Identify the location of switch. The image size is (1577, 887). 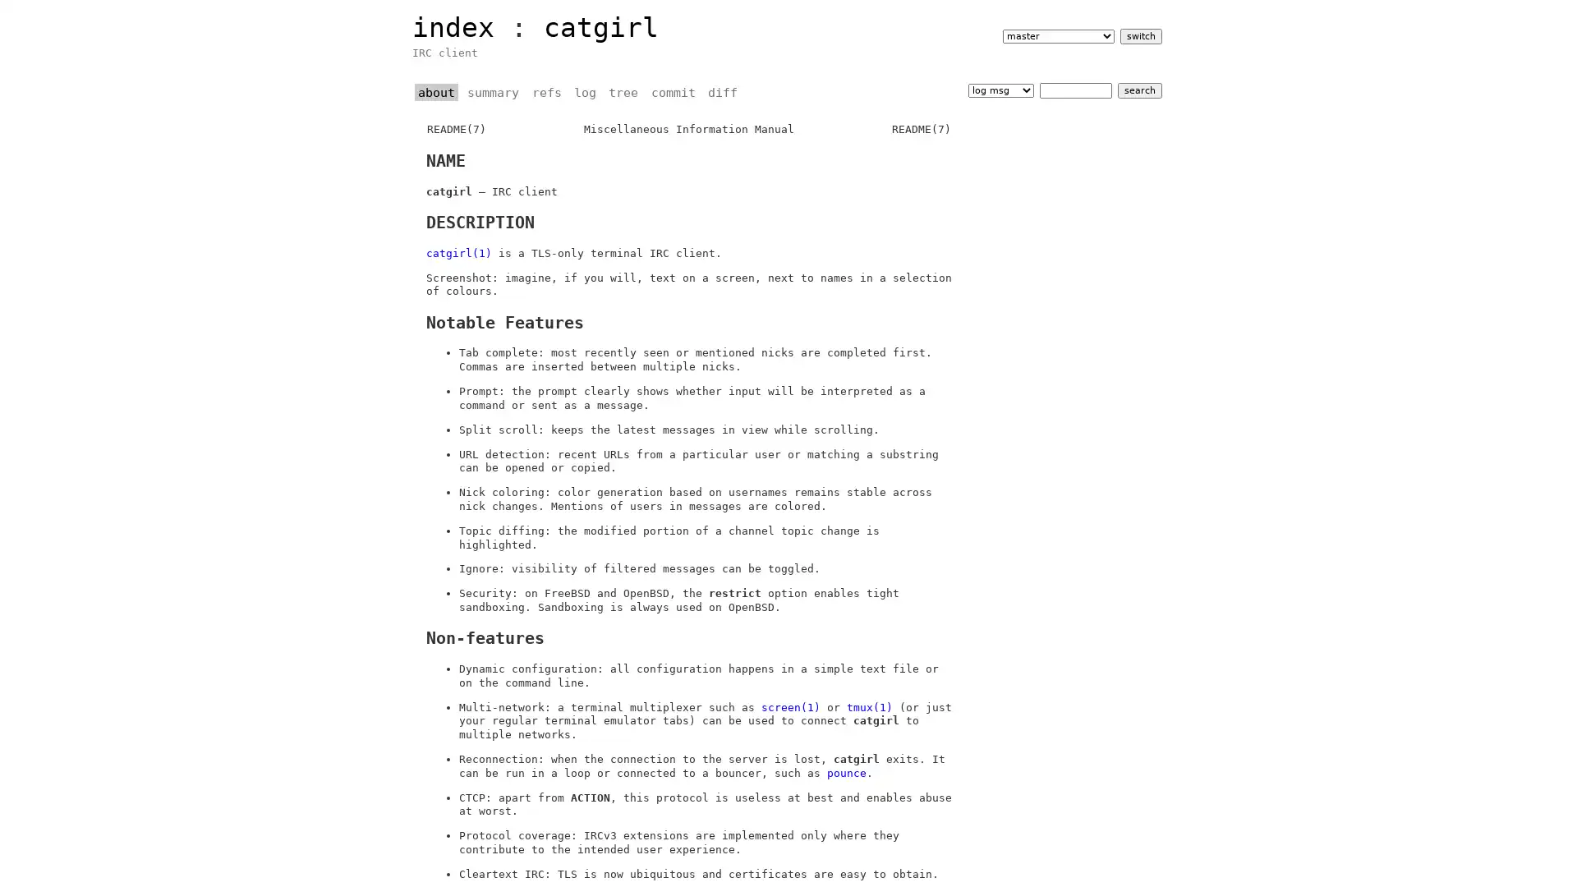
(1139, 35).